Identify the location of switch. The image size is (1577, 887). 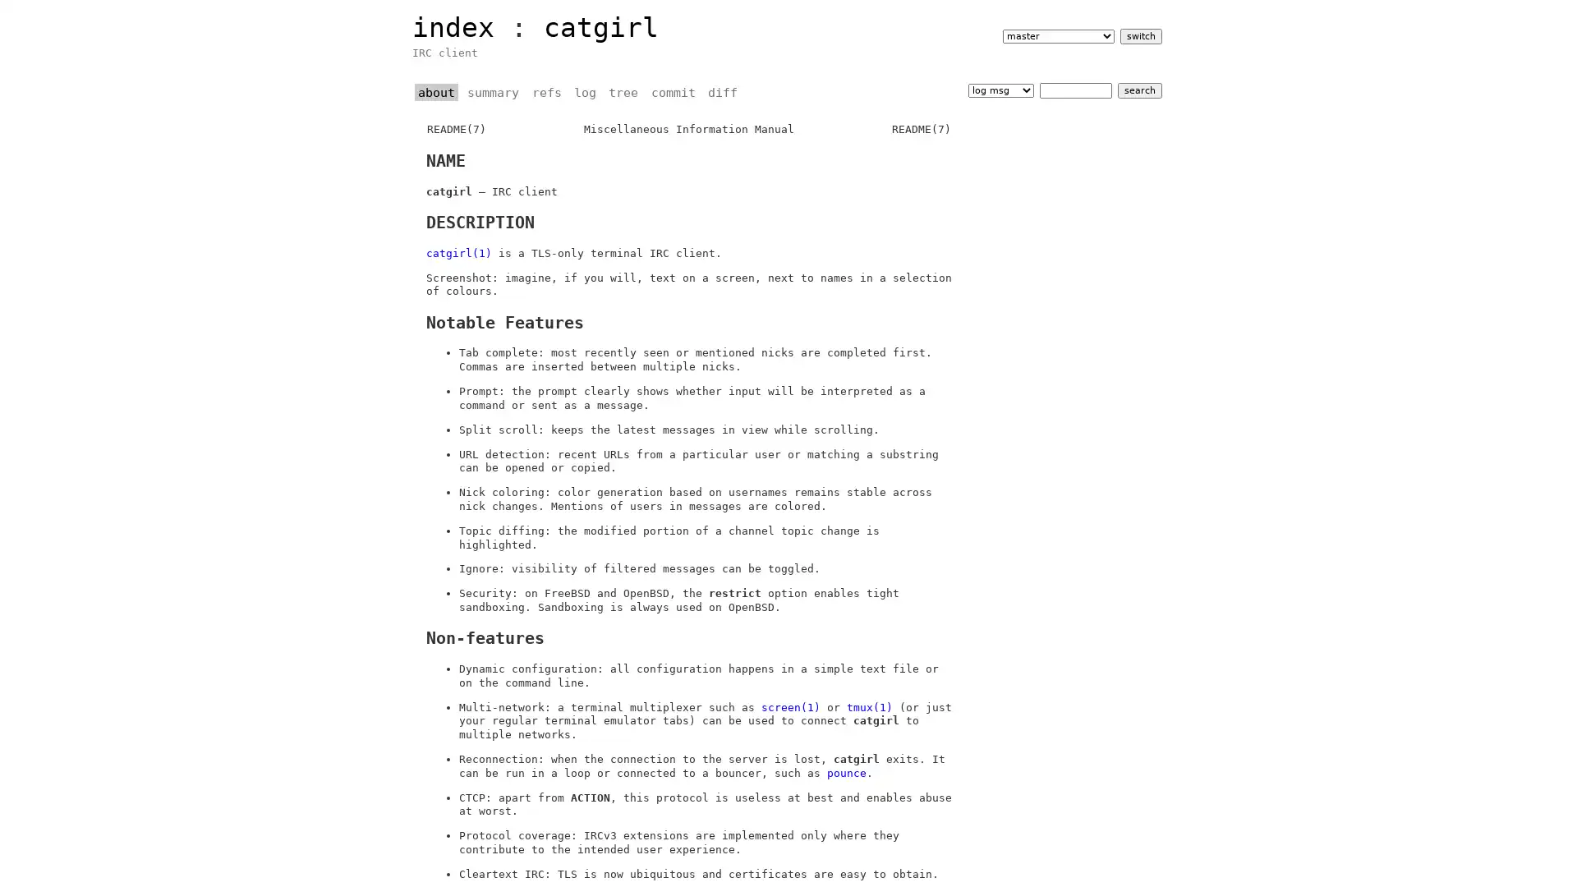
(1139, 35).